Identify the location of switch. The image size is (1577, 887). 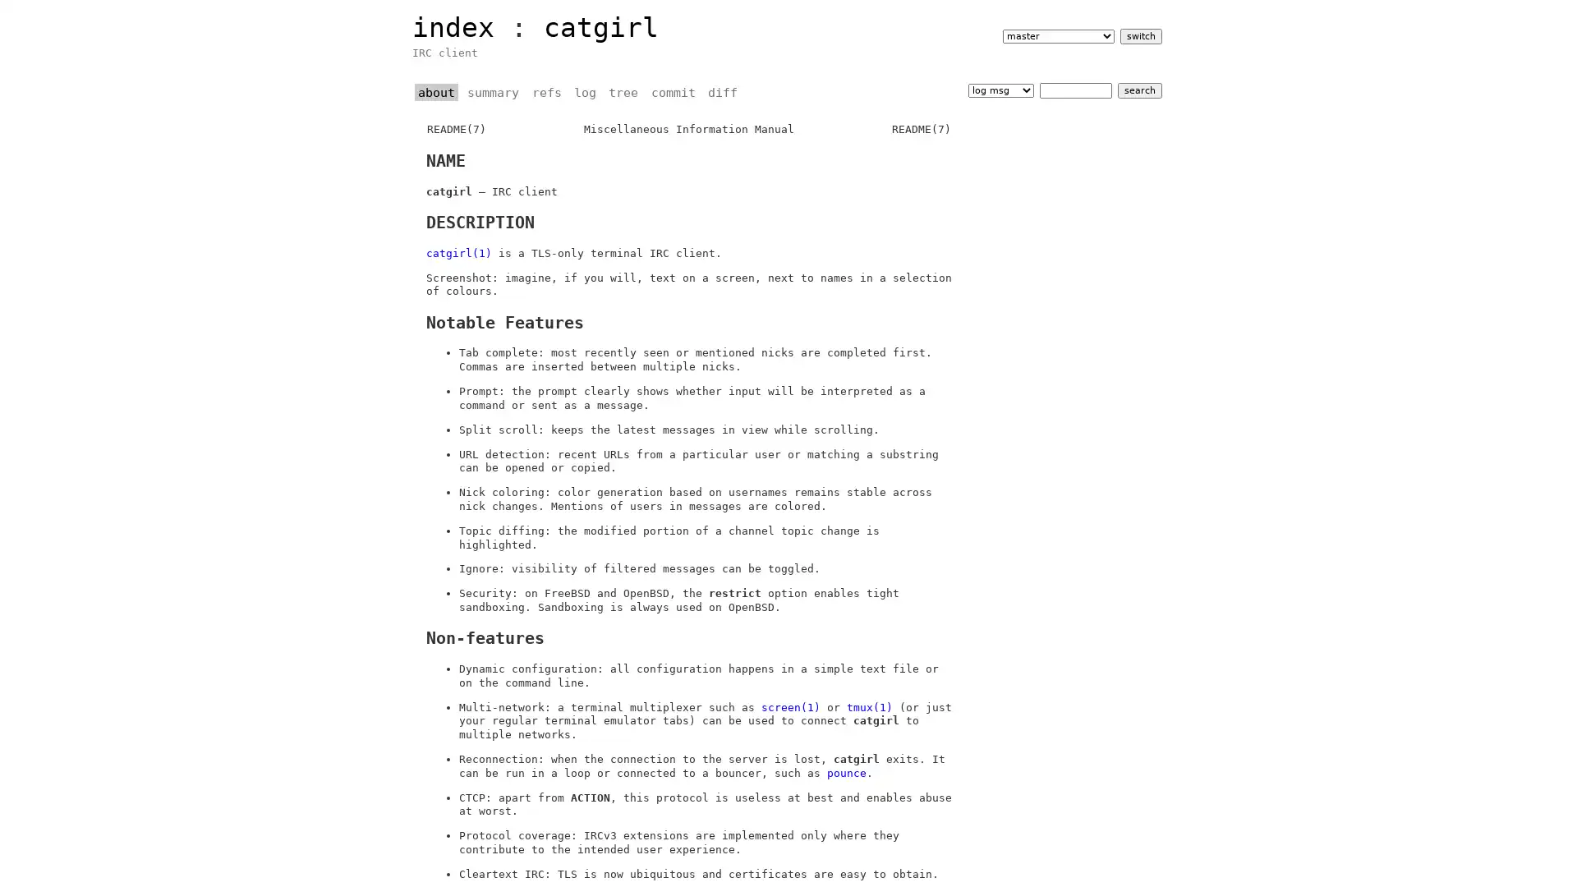
(1139, 35).